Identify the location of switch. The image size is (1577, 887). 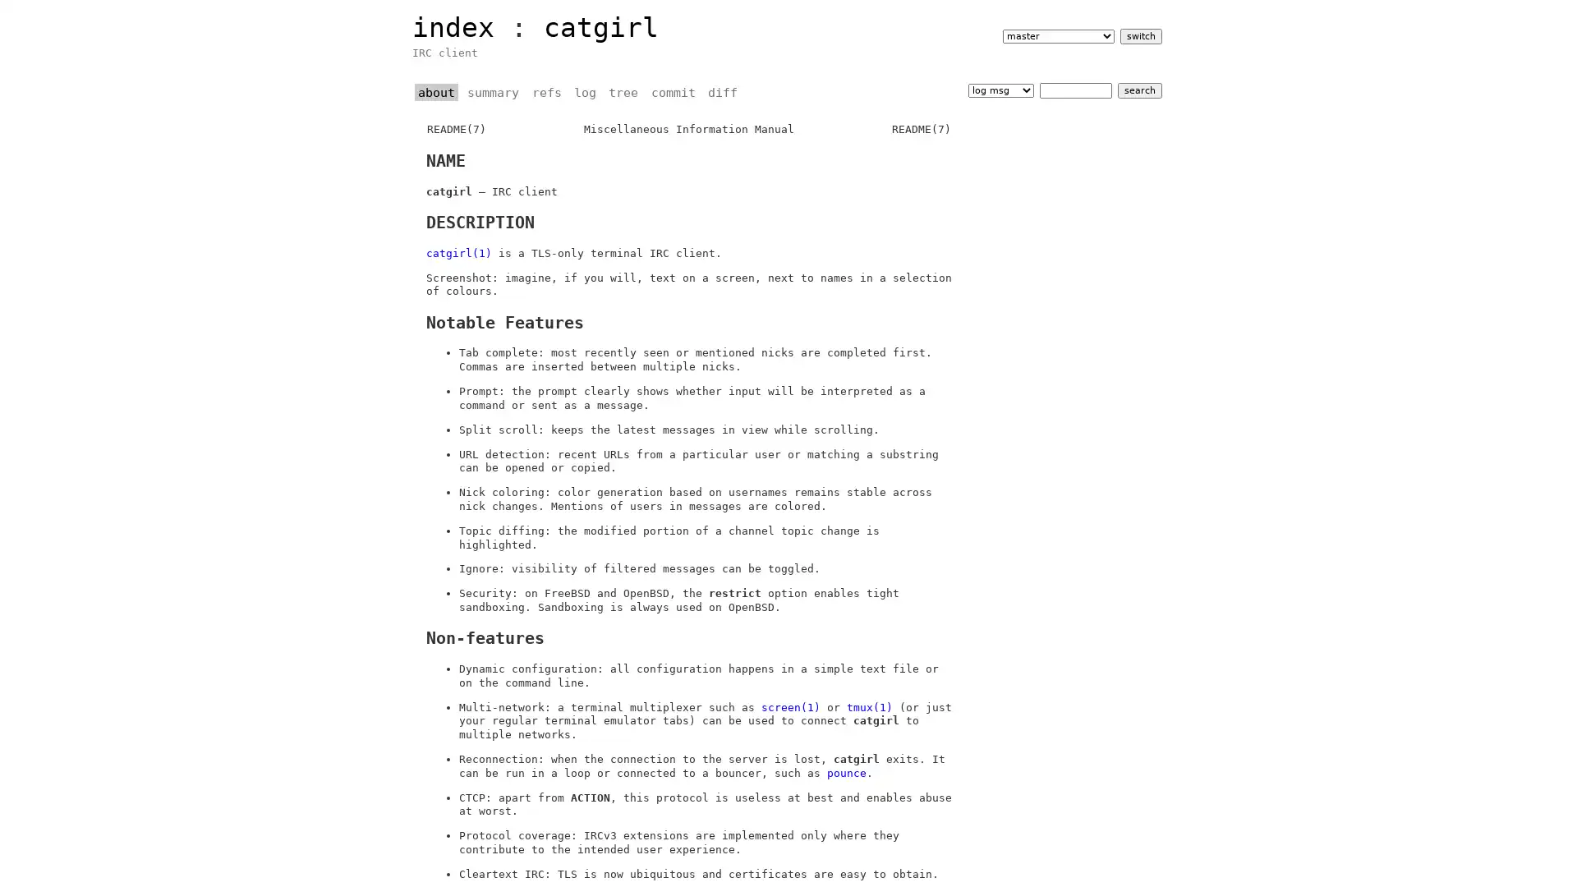
(1139, 35).